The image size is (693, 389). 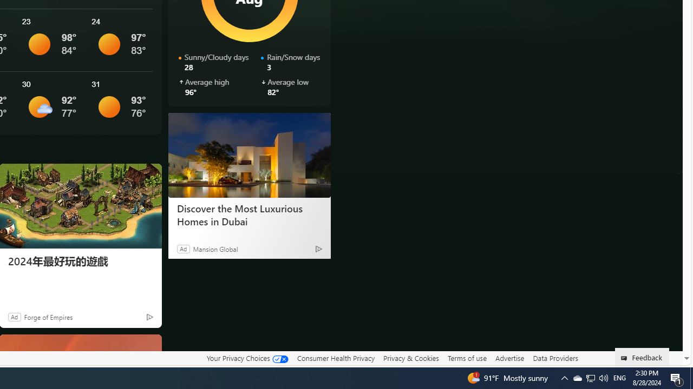 I want to click on 'Terms of use', so click(x=467, y=358).